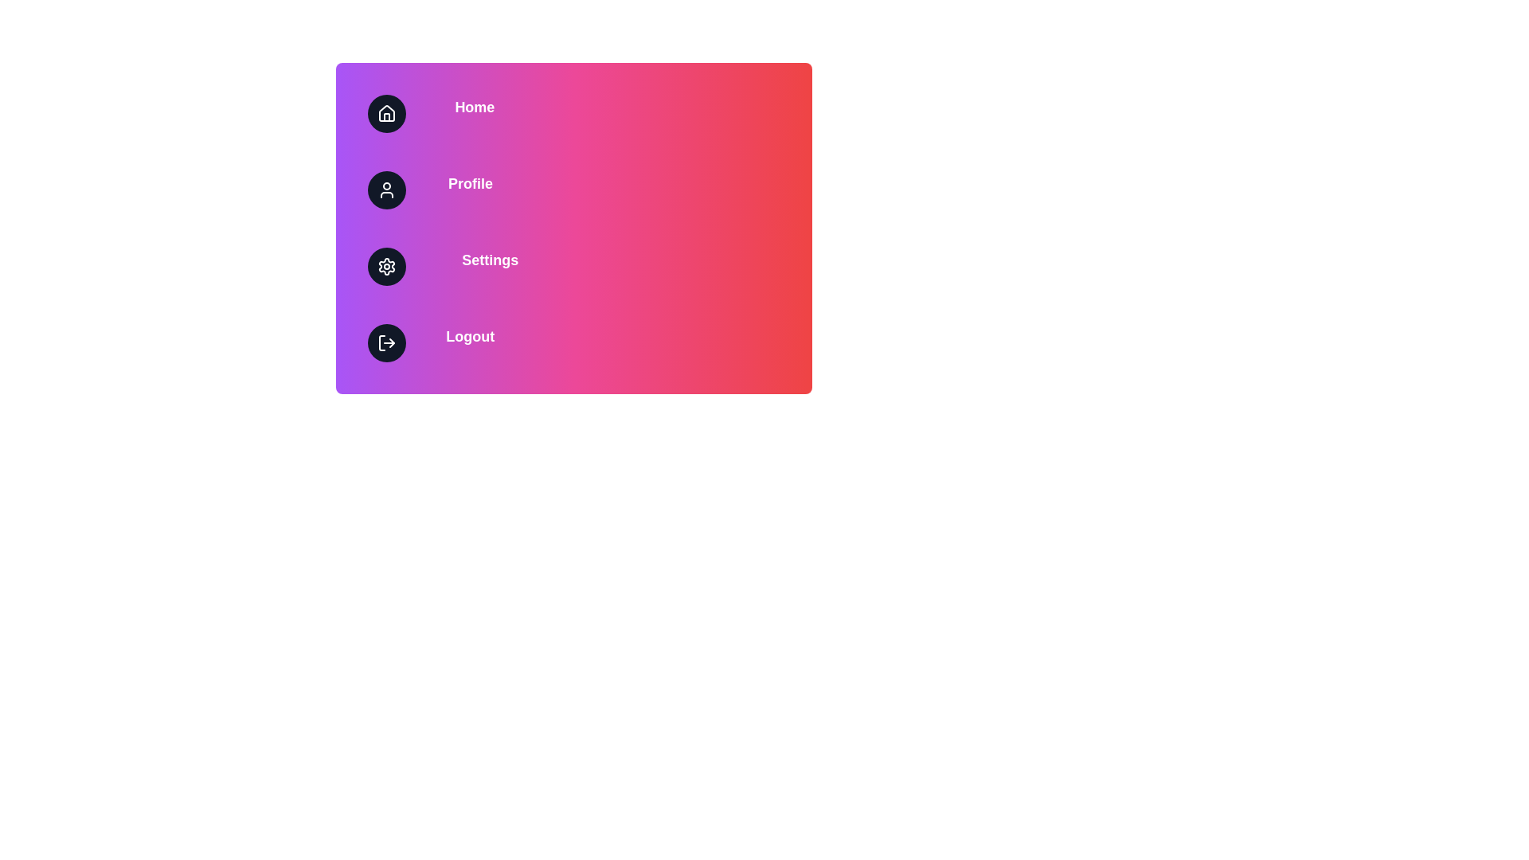 The image size is (1529, 860). I want to click on the menu item labeled Logout to reveal its description, so click(573, 342).